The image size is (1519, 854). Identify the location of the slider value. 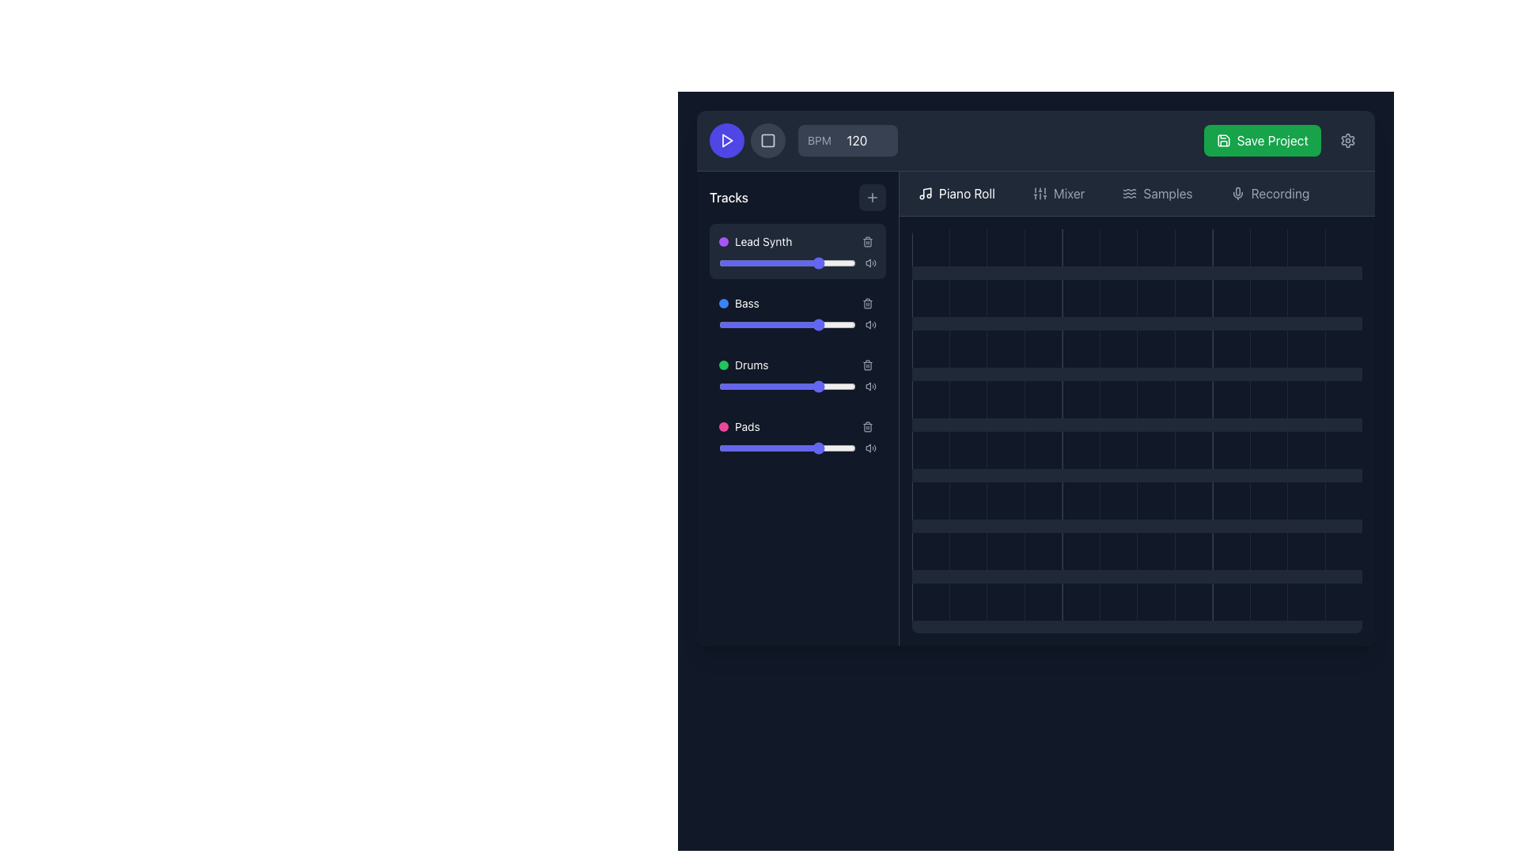
(758, 324).